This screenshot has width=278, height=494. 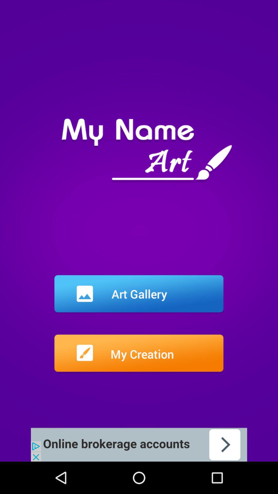 I want to click on my creation, so click(x=138, y=354).